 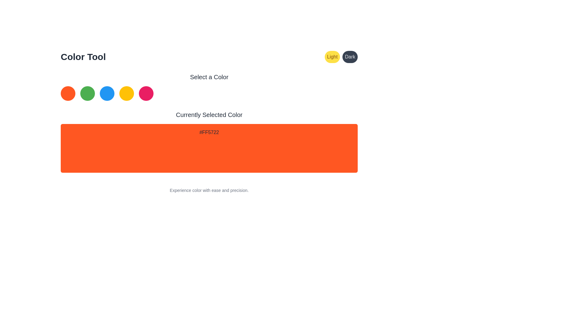 What do you see at coordinates (126, 94) in the screenshot?
I see `the fourth circular button in the Color Tool section` at bounding box center [126, 94].